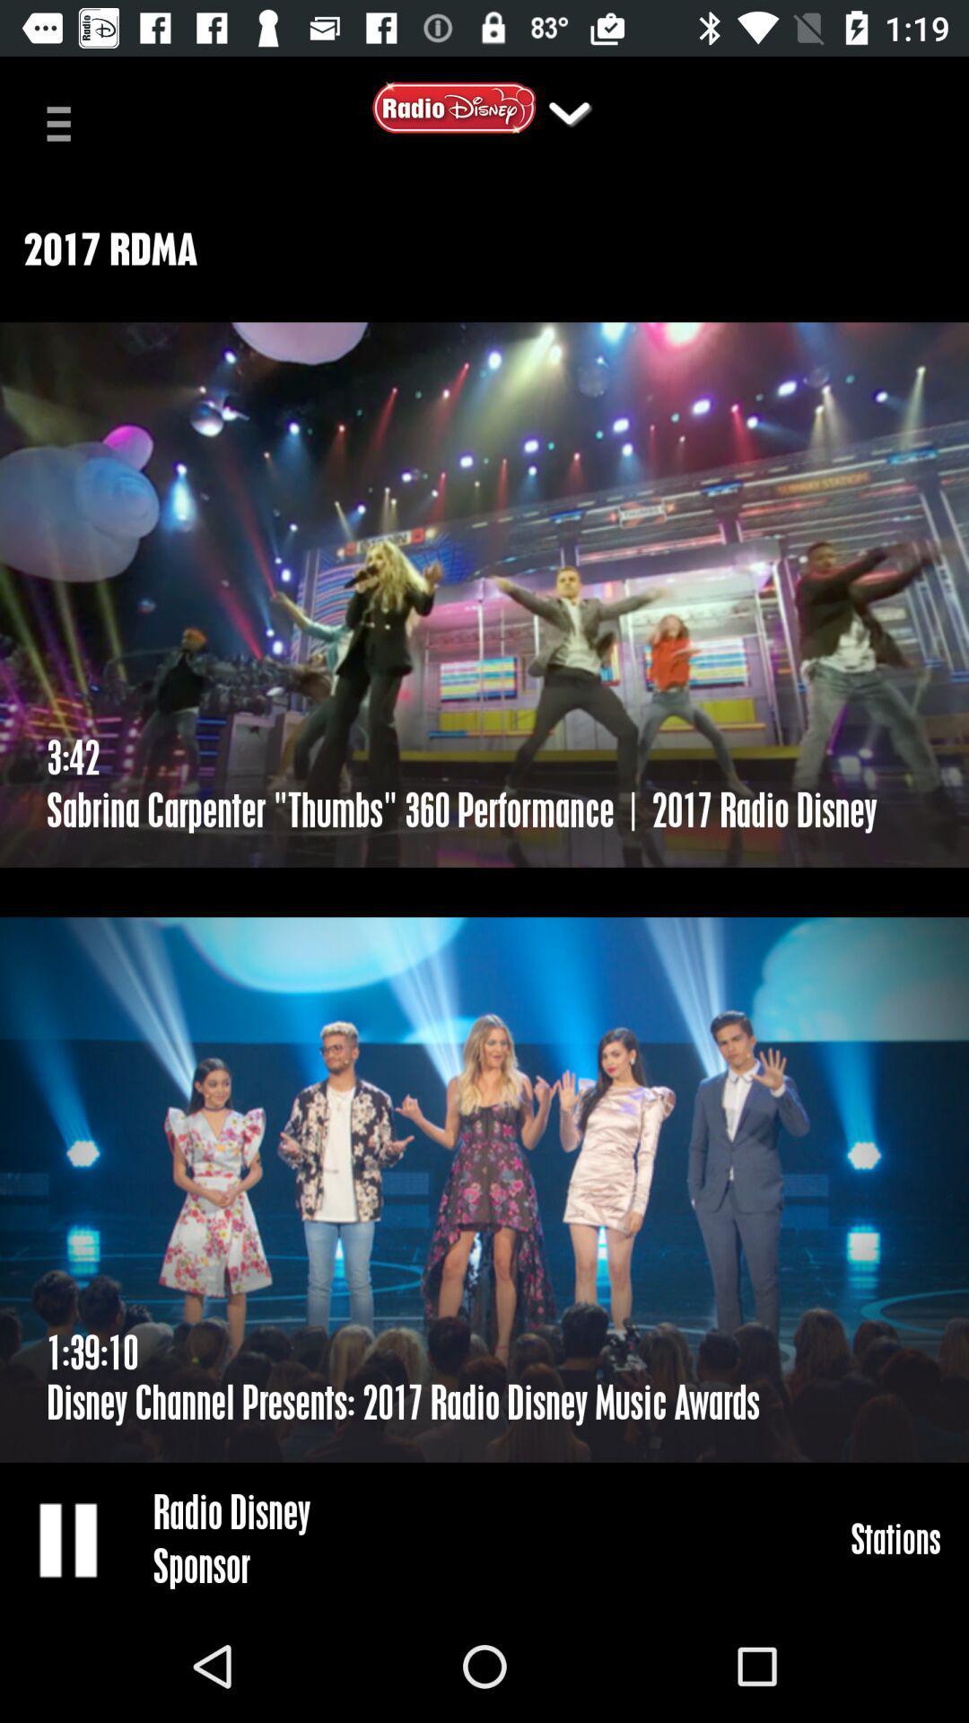 Image resolution: width=969 pixels, height=1723 pixels. Describe the element at coordinates (69, 1538) in the screenshot. I see `icon to the left of the radio disney item` at that location.